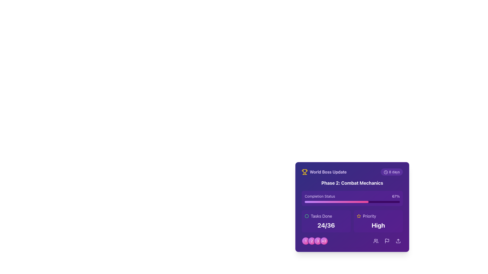  What do you see at coordinates (319, 196) in the screenshot?
I see `the 'Completion Status' text label, which displays white text on a purple background, positioned in the upper-middle of a card layout, to the left of a progress bar showing '67%'` at bounding box center [319, 196].